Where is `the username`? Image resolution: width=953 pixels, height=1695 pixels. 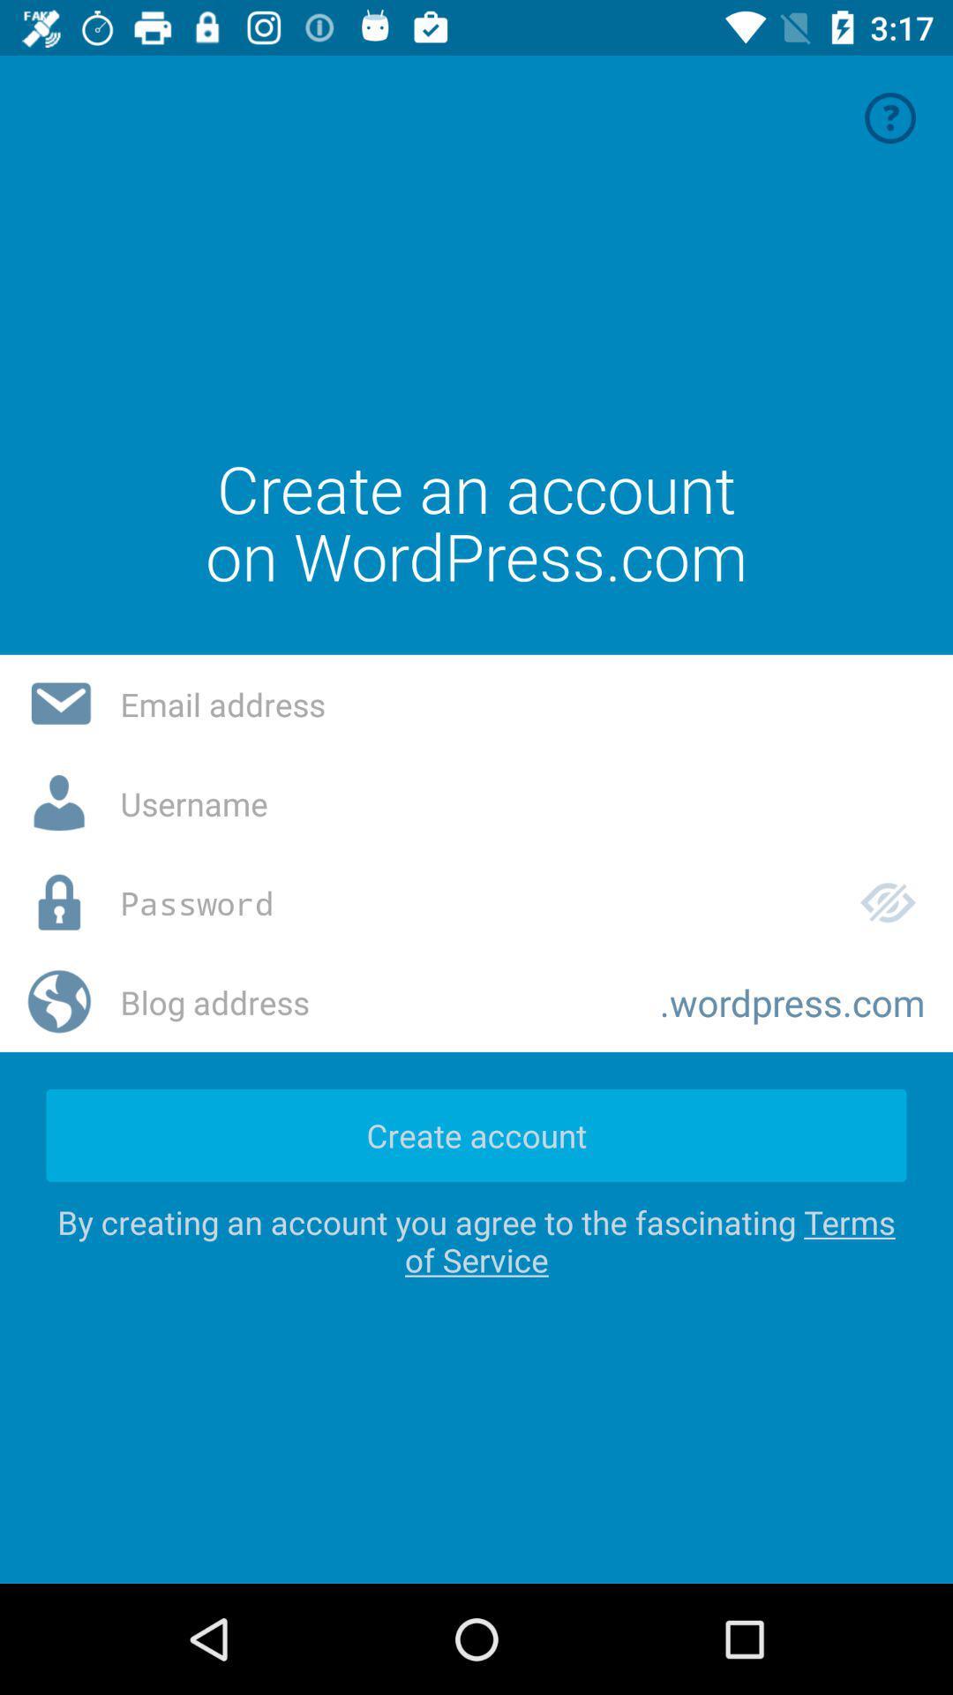 the username is located at coordinates (522, 802).